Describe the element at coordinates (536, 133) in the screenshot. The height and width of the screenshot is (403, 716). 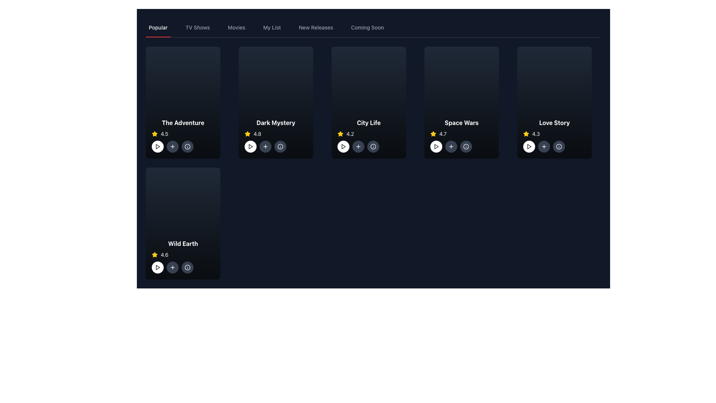
I see `the static text displaying the rating '4.3' located within the 'Love Story' card, positioned to the right of the yellow star icon` at that location.